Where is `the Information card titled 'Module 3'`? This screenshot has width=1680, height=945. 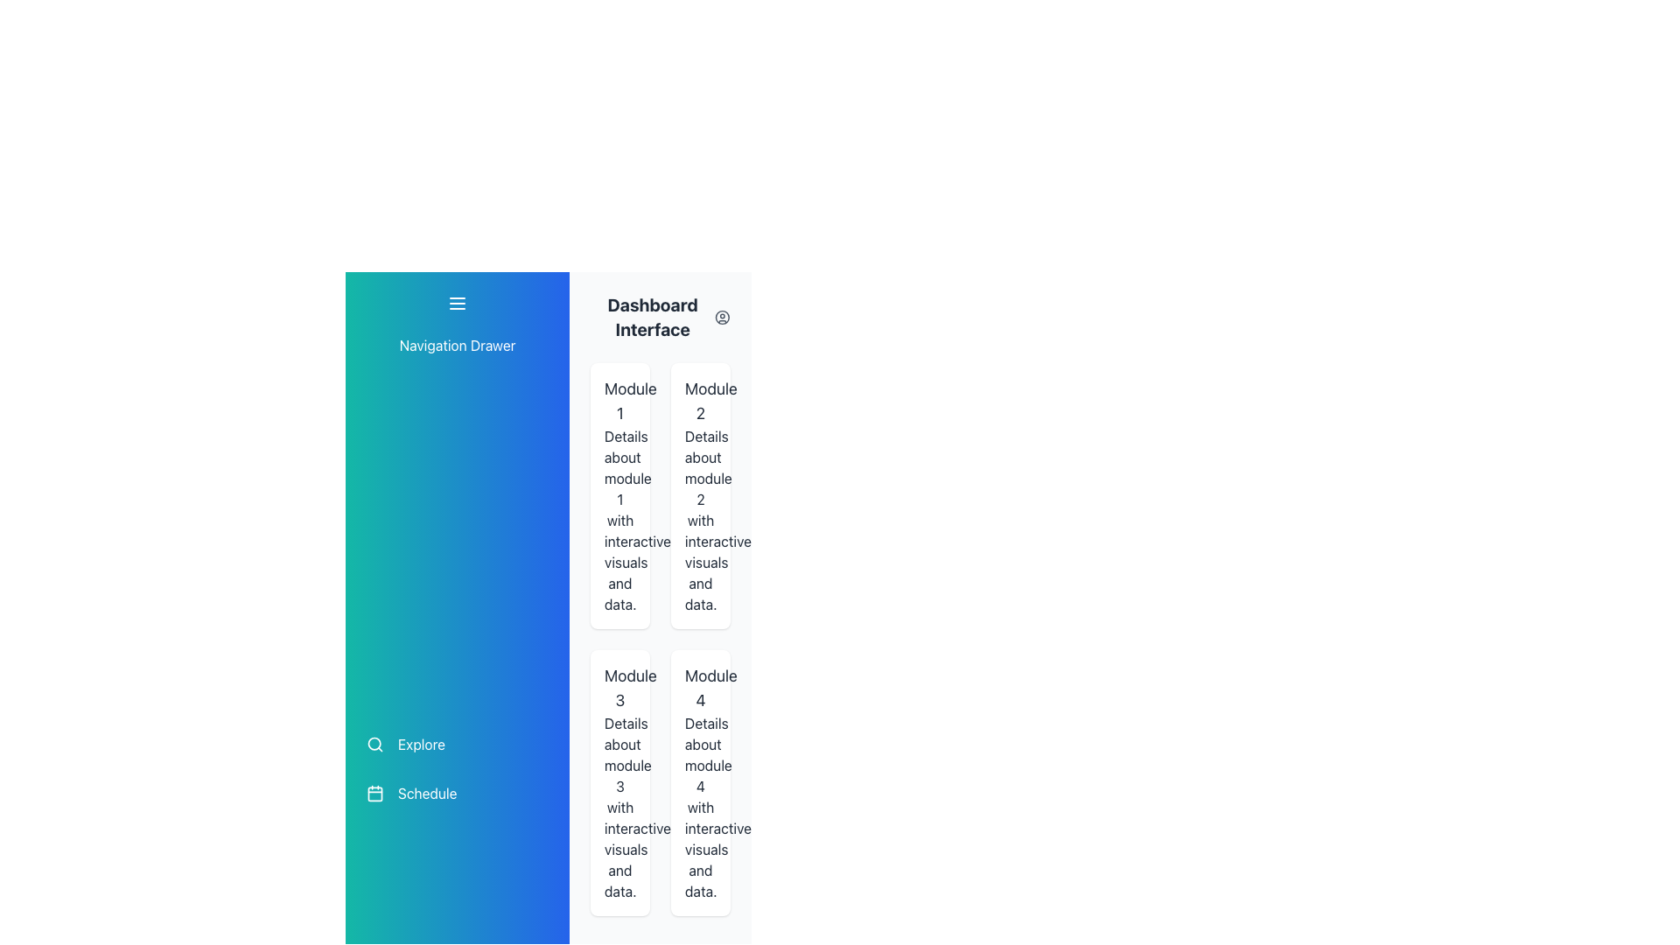 the Information card titled 'Module 3' is located at coordinates (620, 781).